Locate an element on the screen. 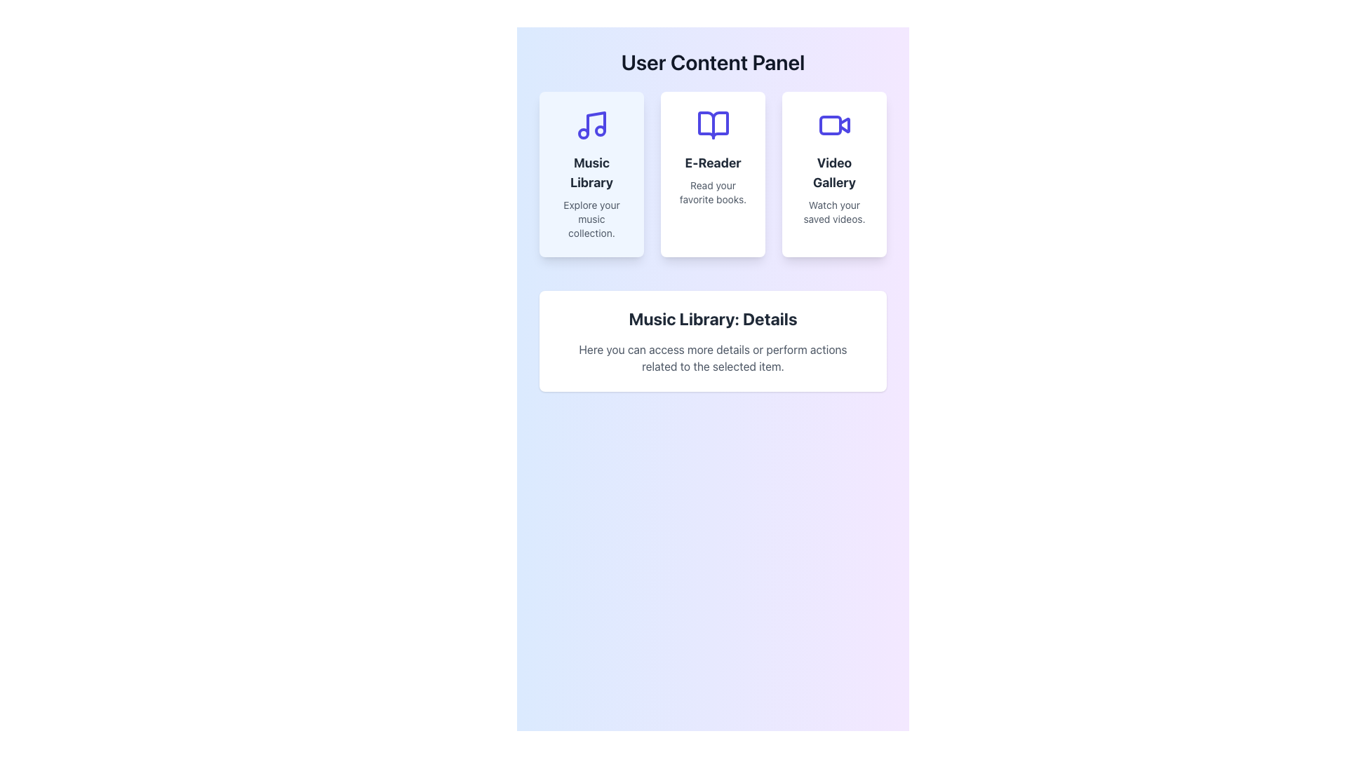  the 'User Content Panel' text label which is styled with a large and bold font, located at the top of the interface above the interactive cards is located at coordinates (713, 61).